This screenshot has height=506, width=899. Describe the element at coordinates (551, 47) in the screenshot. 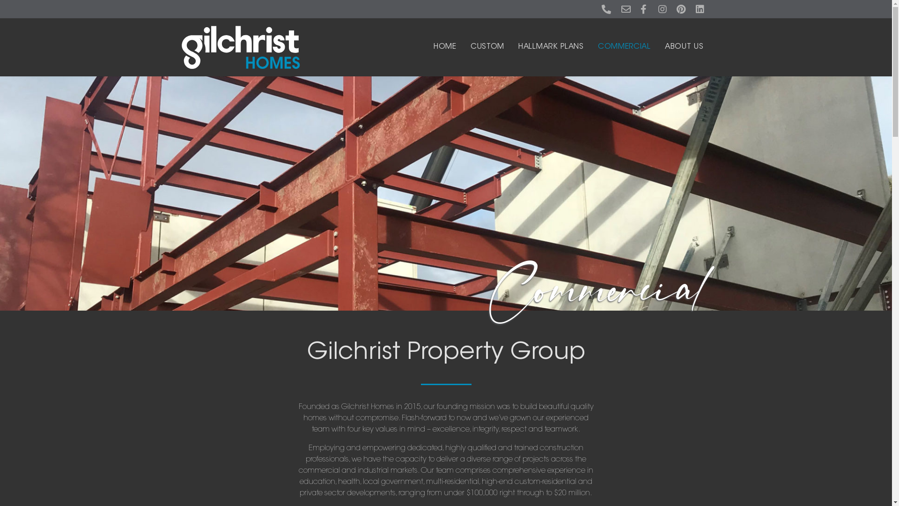

I see `'HALLMARK PLANS'` at that location.